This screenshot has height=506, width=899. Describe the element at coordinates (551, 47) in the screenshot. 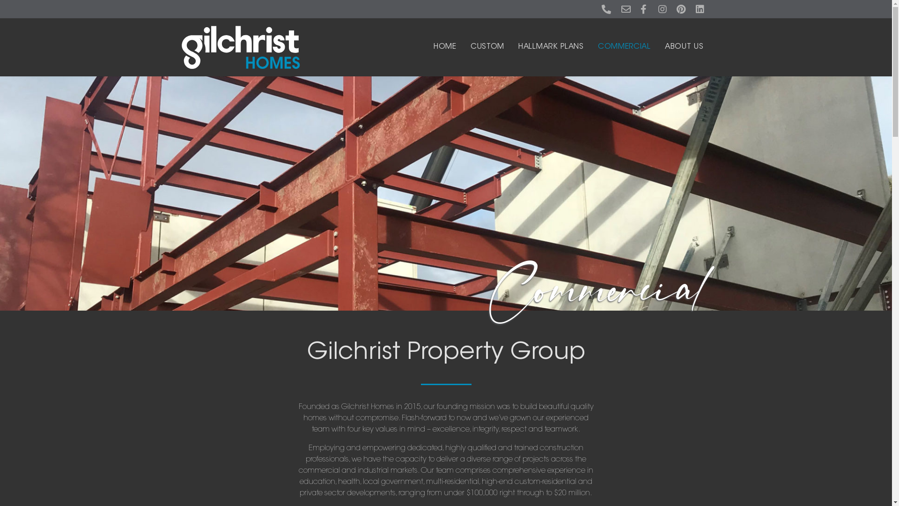

I see `'HALLMARK PLANS'` at that location.